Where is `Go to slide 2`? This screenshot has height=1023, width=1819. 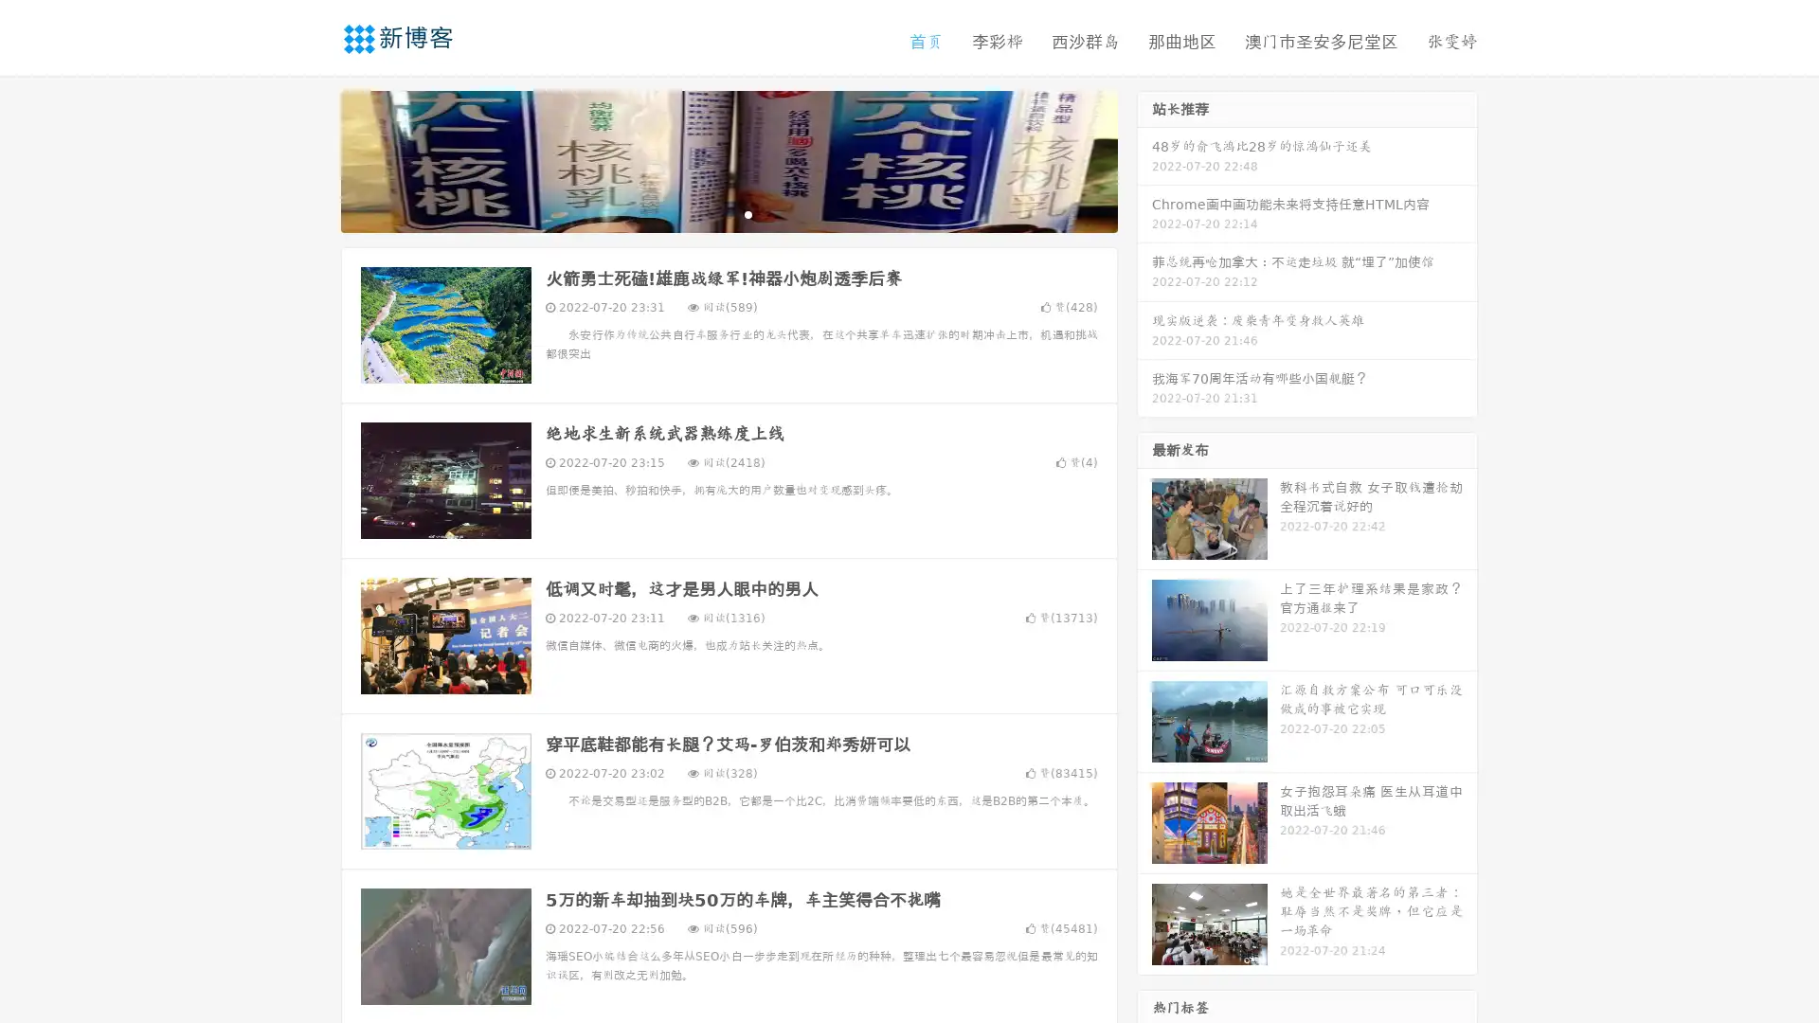 Go to slide 2 is located at coordinates (728, 213).